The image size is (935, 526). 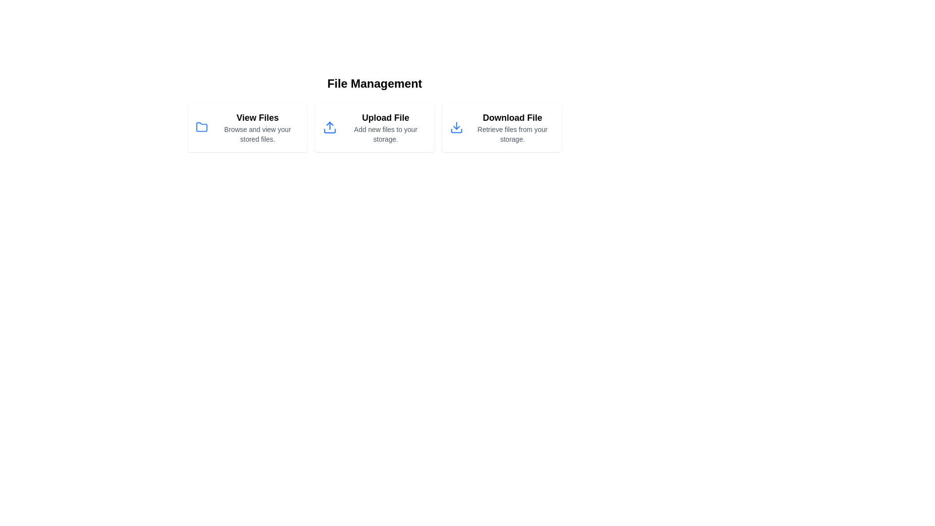 I want to click on the 'Download File' button in the File Management section to initiate the download process, so click(x=502, y=127).